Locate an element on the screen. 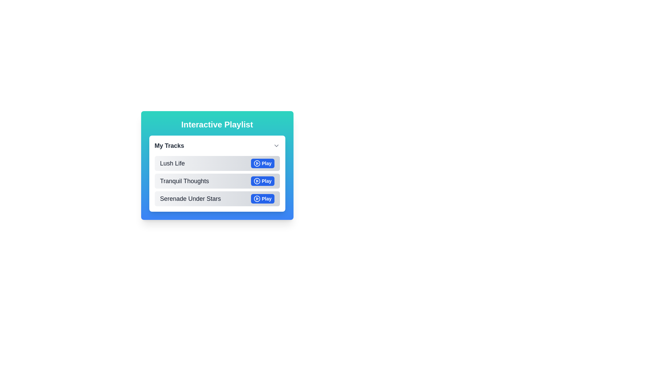  the play button icon located in the first row of buttons of the Interactive Playlist interface to initiate playback of the track 'Lush Life' is located at coordinates (256, 163).